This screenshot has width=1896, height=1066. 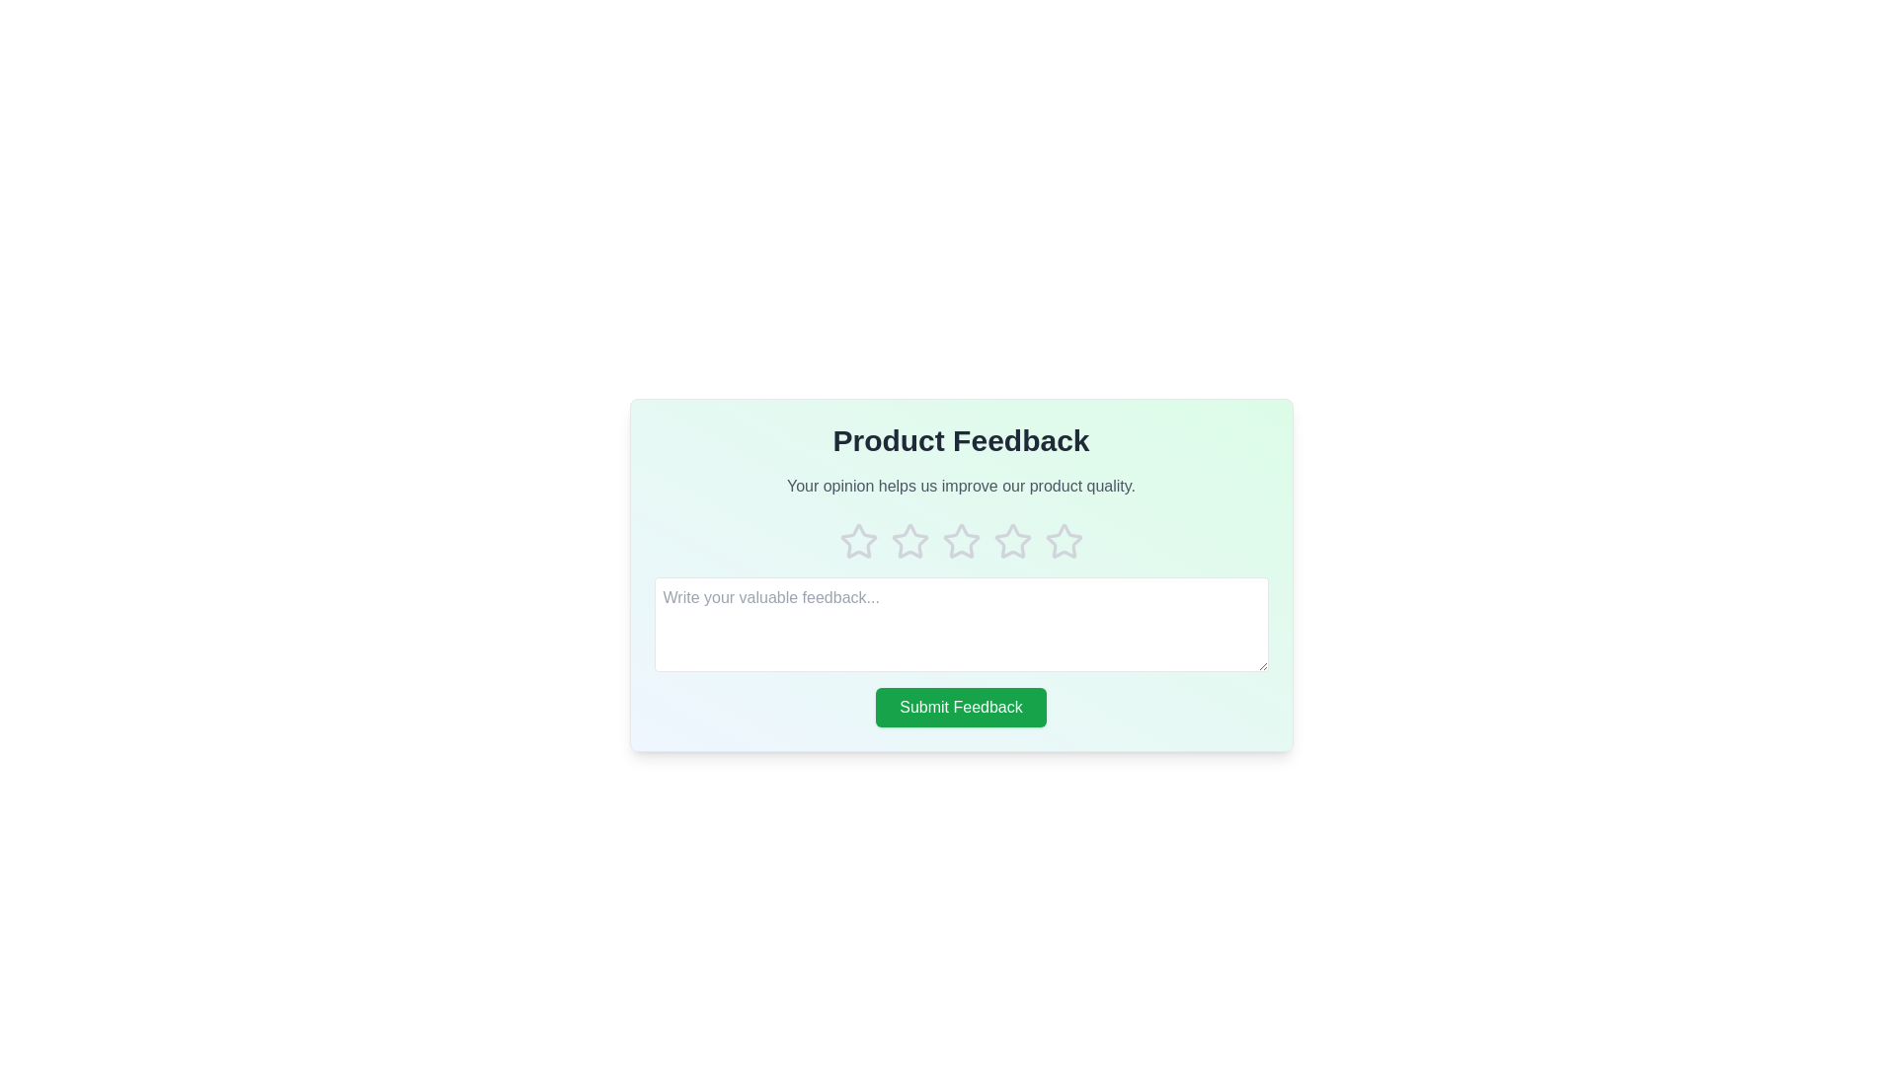 I want to click on the header text block that serves as the title for the feedback section, located above a descriptive sentence and star icons, so click(x=961, y=440).